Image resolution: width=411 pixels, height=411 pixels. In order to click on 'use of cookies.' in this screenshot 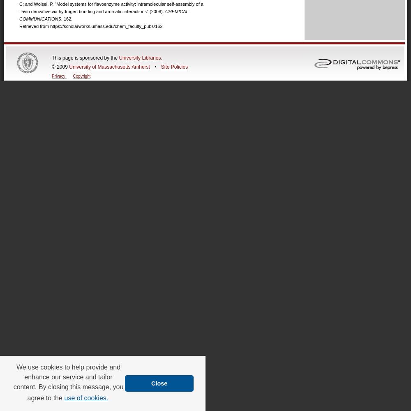, I will do `click(85, 397)`.